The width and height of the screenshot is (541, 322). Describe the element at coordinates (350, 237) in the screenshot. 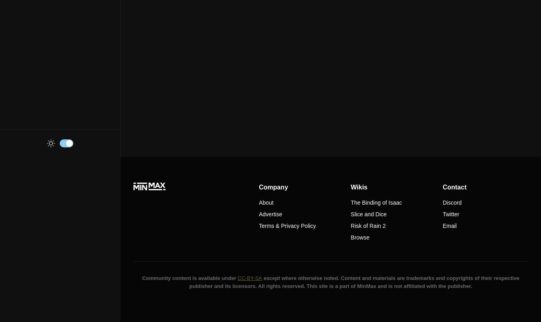

I see `'Browse'` at that location.